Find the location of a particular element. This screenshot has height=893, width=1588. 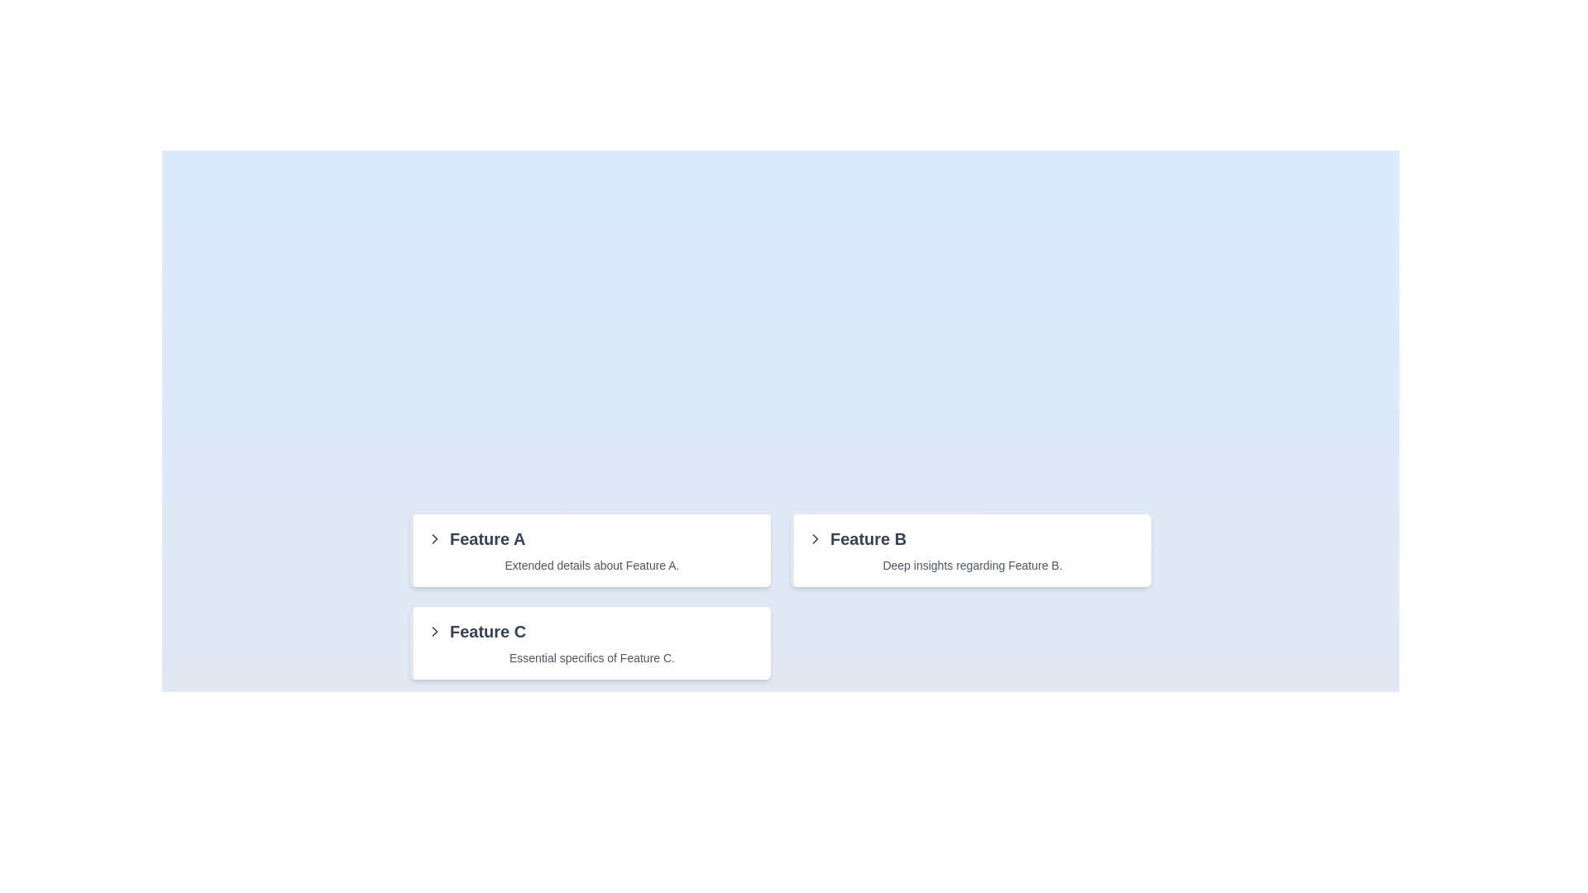

the right-facing chevron icon located to the left of the 'Feature A' text label using keyboard navigation for accessibility is located at coordinates (435, 538).